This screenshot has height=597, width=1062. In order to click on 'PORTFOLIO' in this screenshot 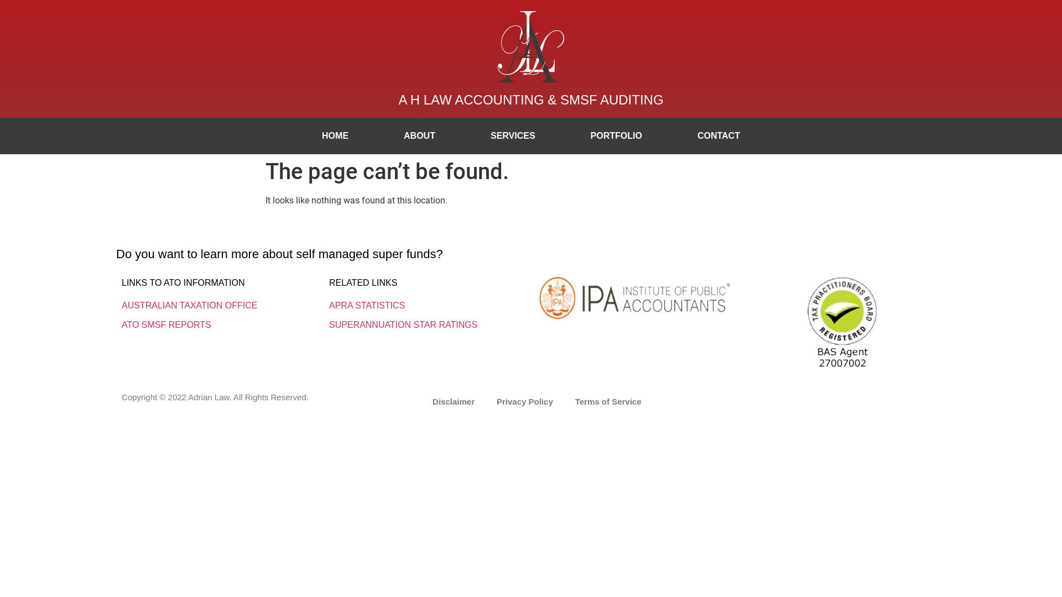, I will do `click(563, 135)`.